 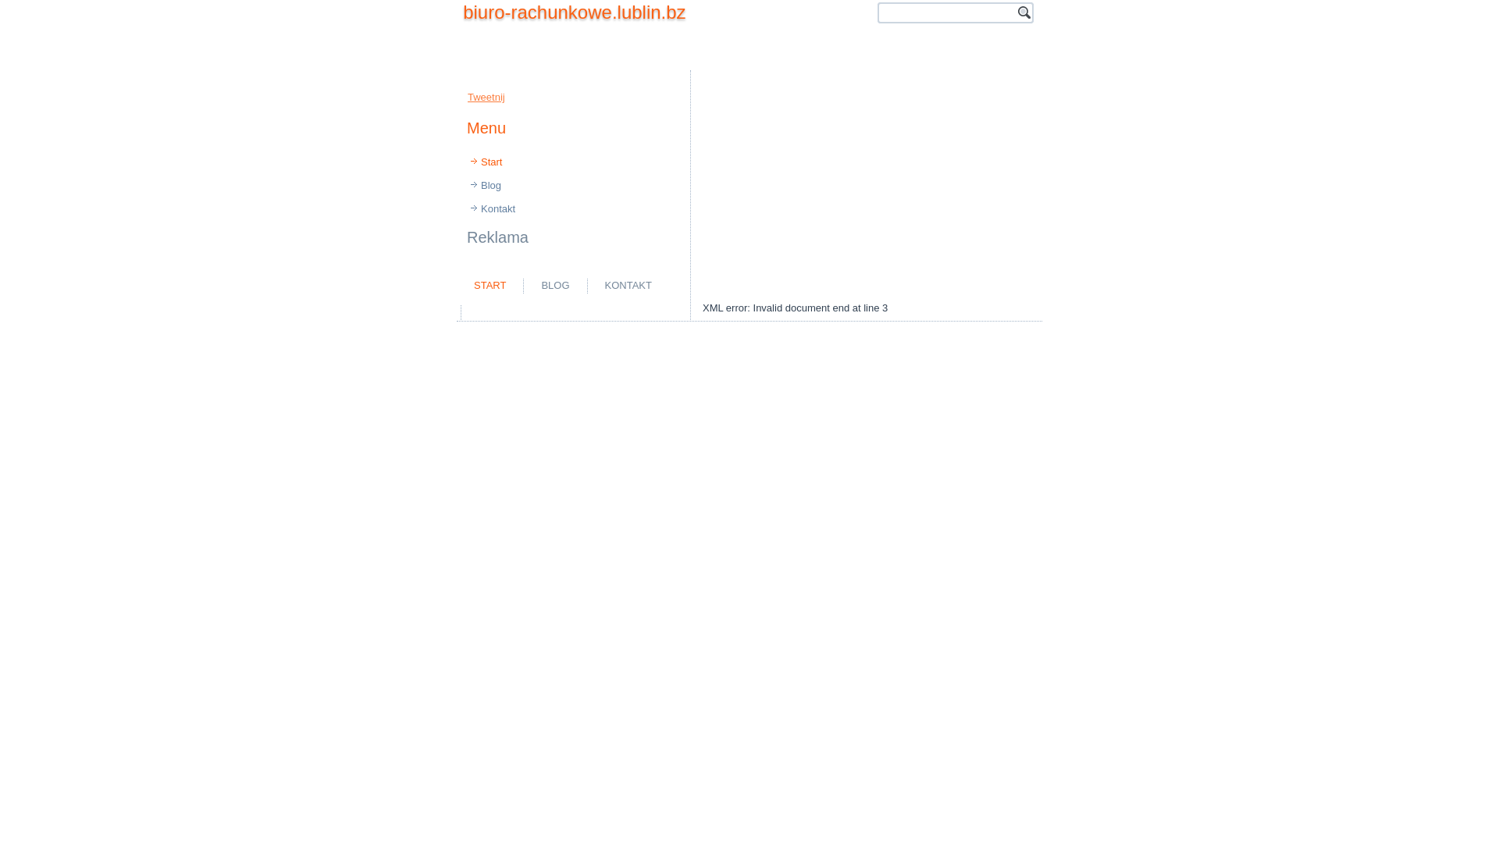 What do you see at coordinates (865, 185) in the screenshot?
I see `'Advertisement'` at bounding box center [865, 185].